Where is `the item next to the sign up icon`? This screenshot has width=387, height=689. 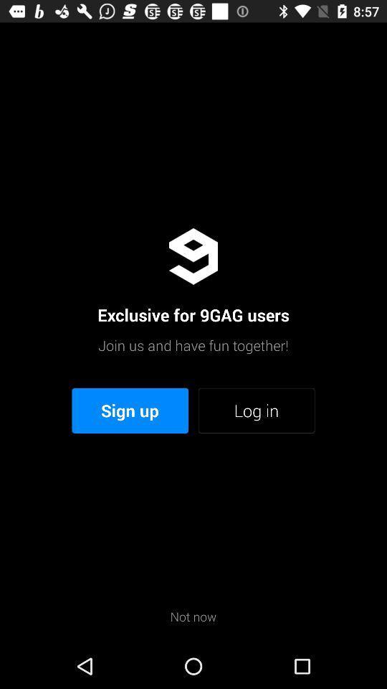
the item next to the sign up icon is located at coordinates (256, 411).